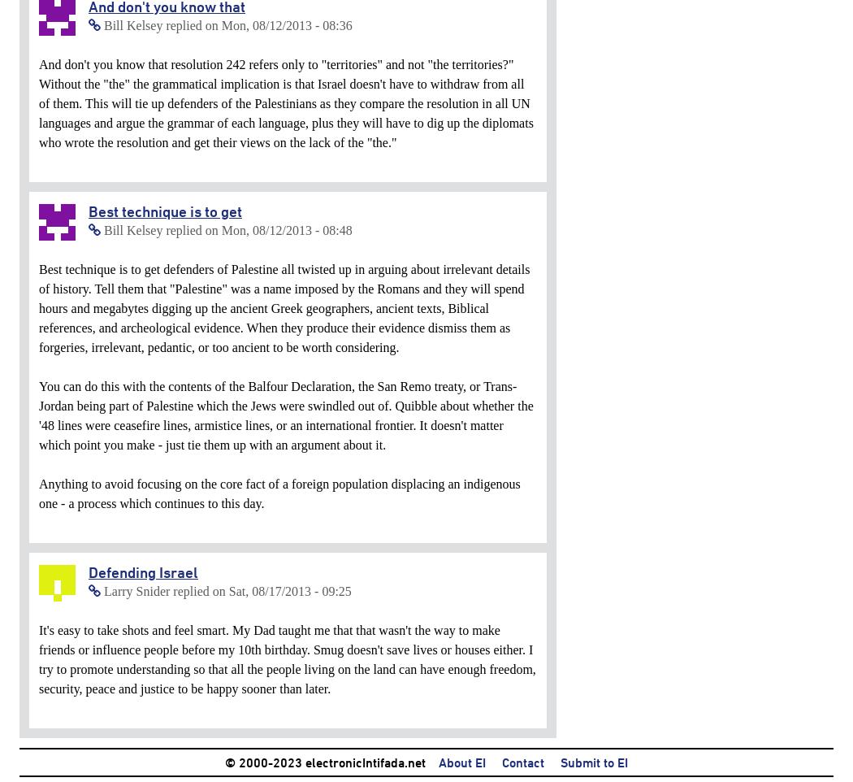  I want to click on 'Mon, 08/12/2013 - 08:48', so click(285, 230).